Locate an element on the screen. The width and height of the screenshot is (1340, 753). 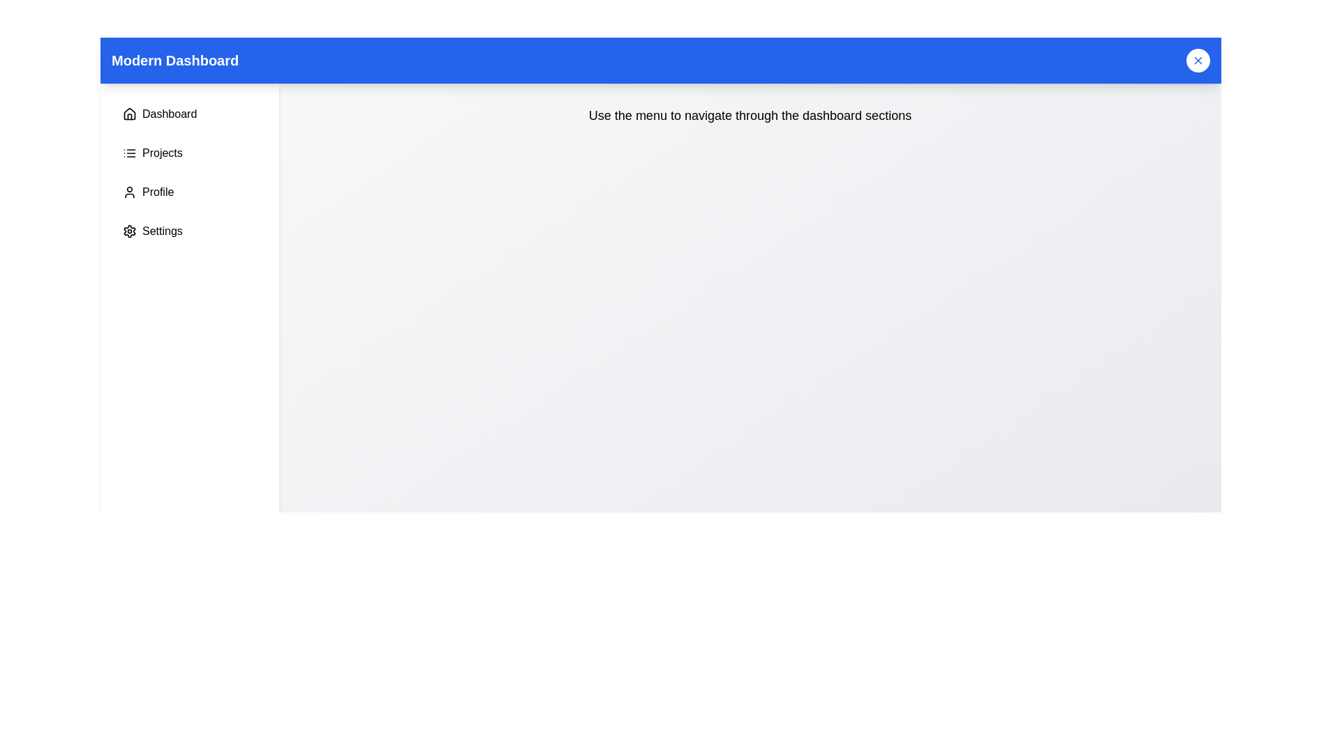
the 'Profile' icon located to the left of the 'Profile' text in the navigation menu is located at coordinates (130, 192).